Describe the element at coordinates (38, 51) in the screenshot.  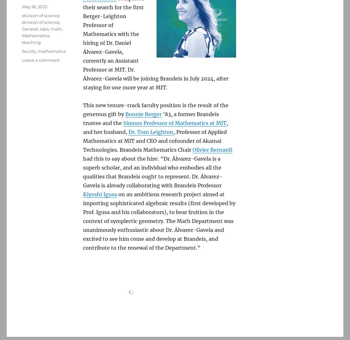
I see `'mathematics'` at that location.